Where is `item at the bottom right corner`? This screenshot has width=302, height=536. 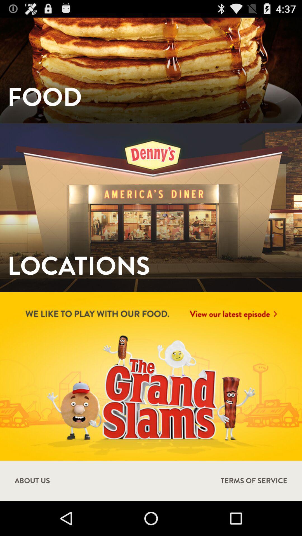 item at the bottom right corner is located at coordinates (254, 480).